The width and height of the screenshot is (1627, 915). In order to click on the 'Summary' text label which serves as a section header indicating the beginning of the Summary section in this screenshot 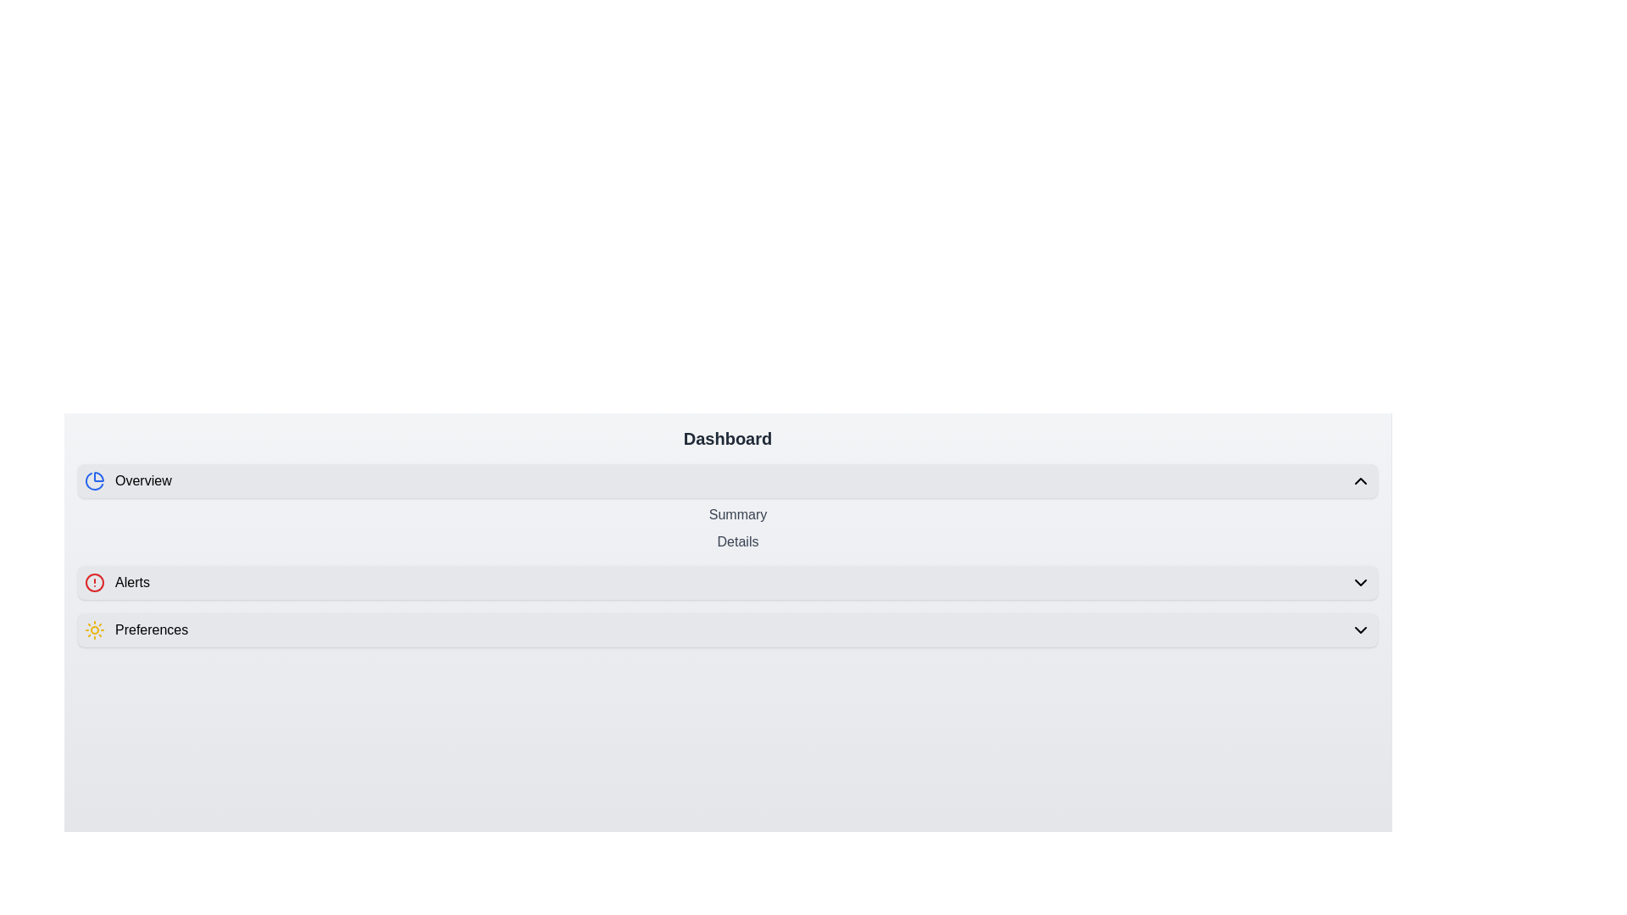, I will do `click(737, 514)`.